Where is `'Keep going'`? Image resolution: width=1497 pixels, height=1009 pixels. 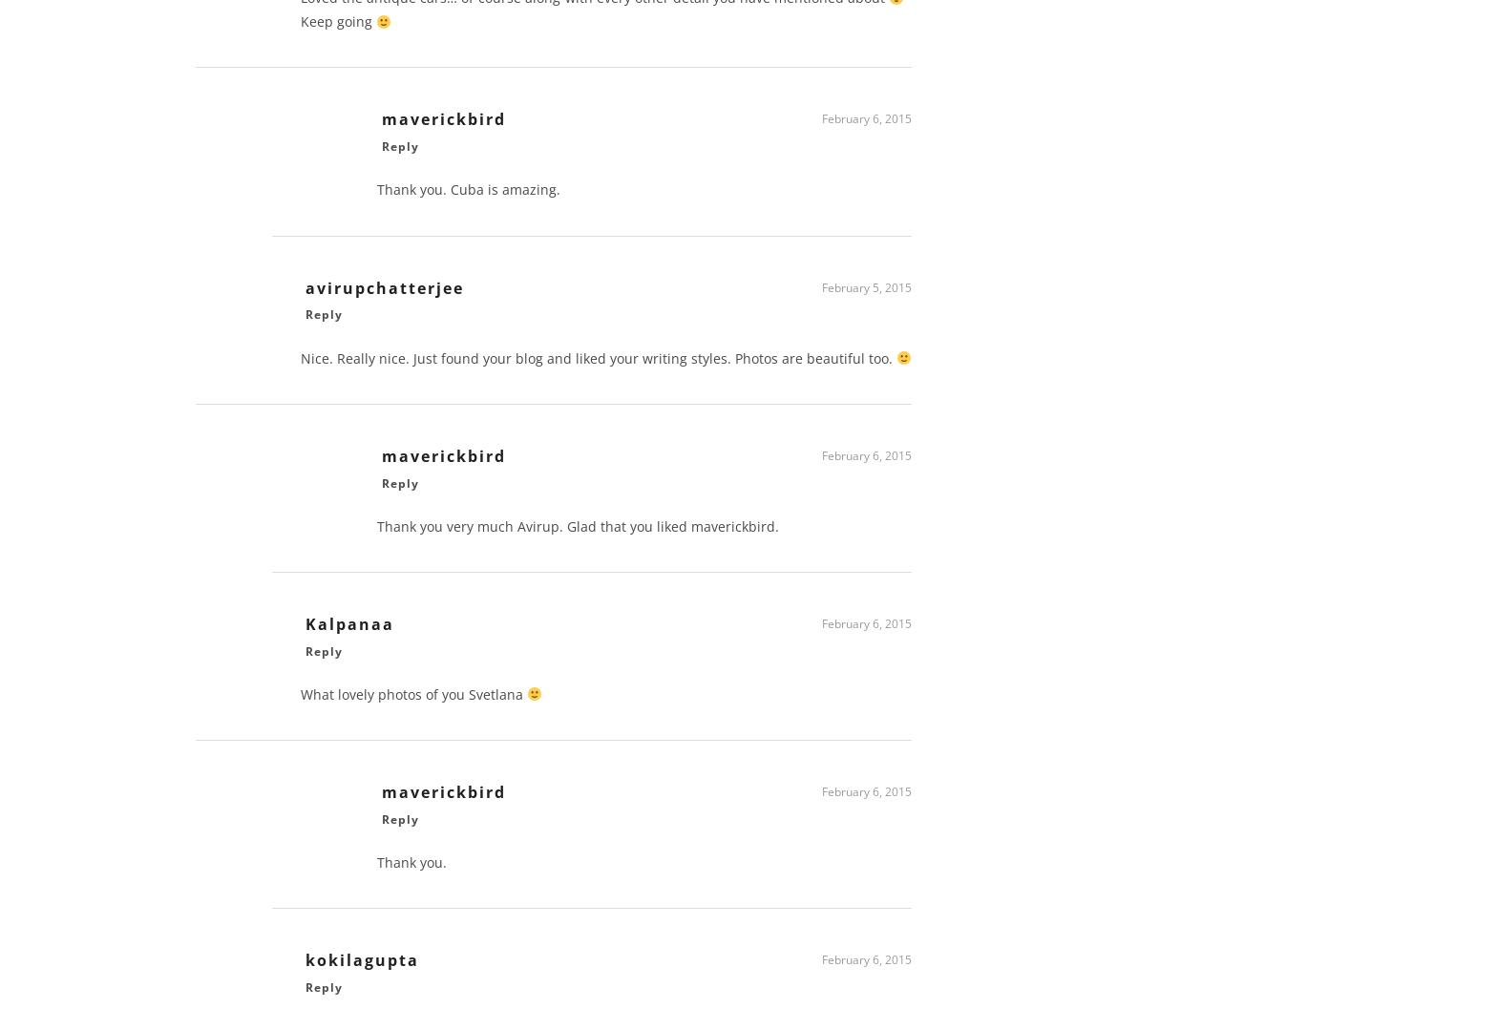
'Keep going' is located at coordinates (338, 28).